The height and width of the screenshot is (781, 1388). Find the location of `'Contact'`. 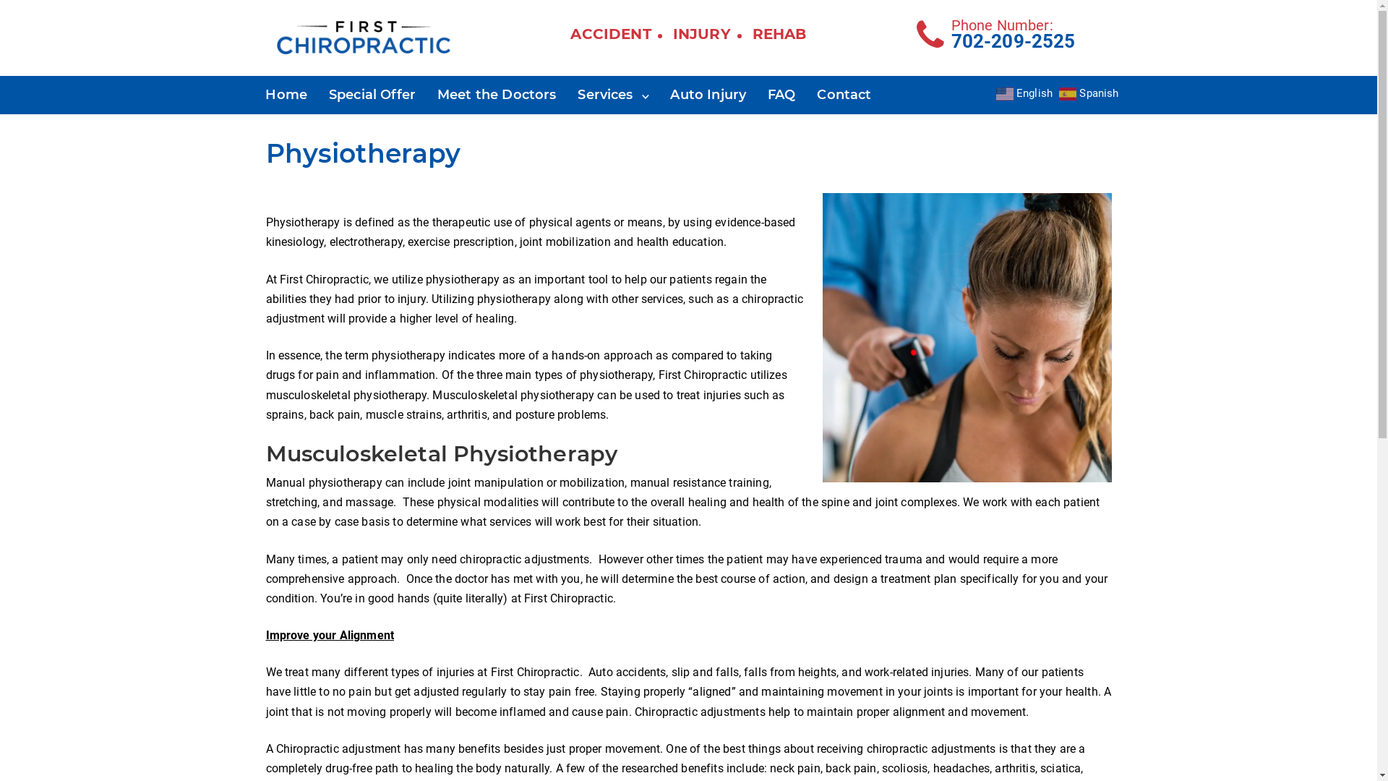

'Contact' is located at coordinates (844, 95).